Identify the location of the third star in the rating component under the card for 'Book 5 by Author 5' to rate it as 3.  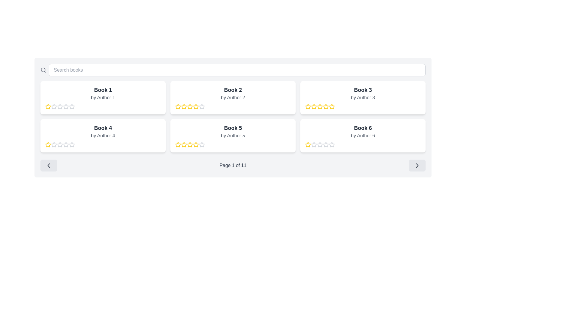
(184, 144).